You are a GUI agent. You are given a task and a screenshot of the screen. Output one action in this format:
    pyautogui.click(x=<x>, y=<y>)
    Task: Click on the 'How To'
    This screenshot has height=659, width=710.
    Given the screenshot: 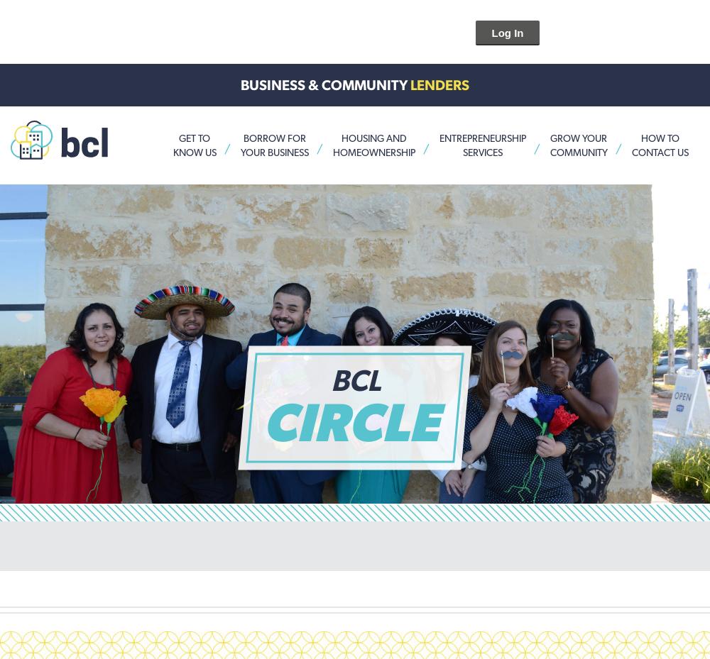 What is the action you would take?
    pyautogui.click(x=640, y=137)
    